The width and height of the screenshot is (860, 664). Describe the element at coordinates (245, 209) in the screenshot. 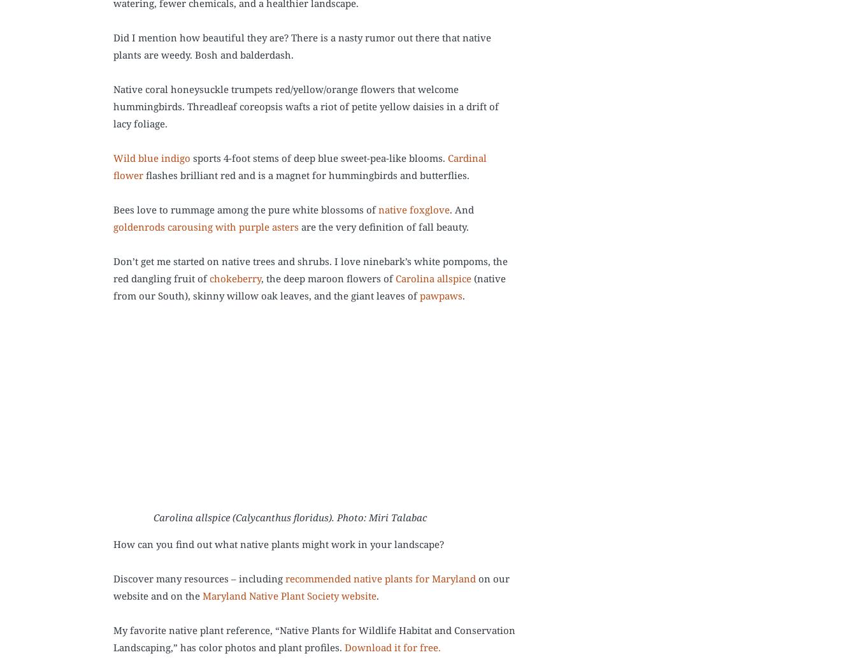

I see `'Bees love to rummage among the pure white blossoms of'` at that location.